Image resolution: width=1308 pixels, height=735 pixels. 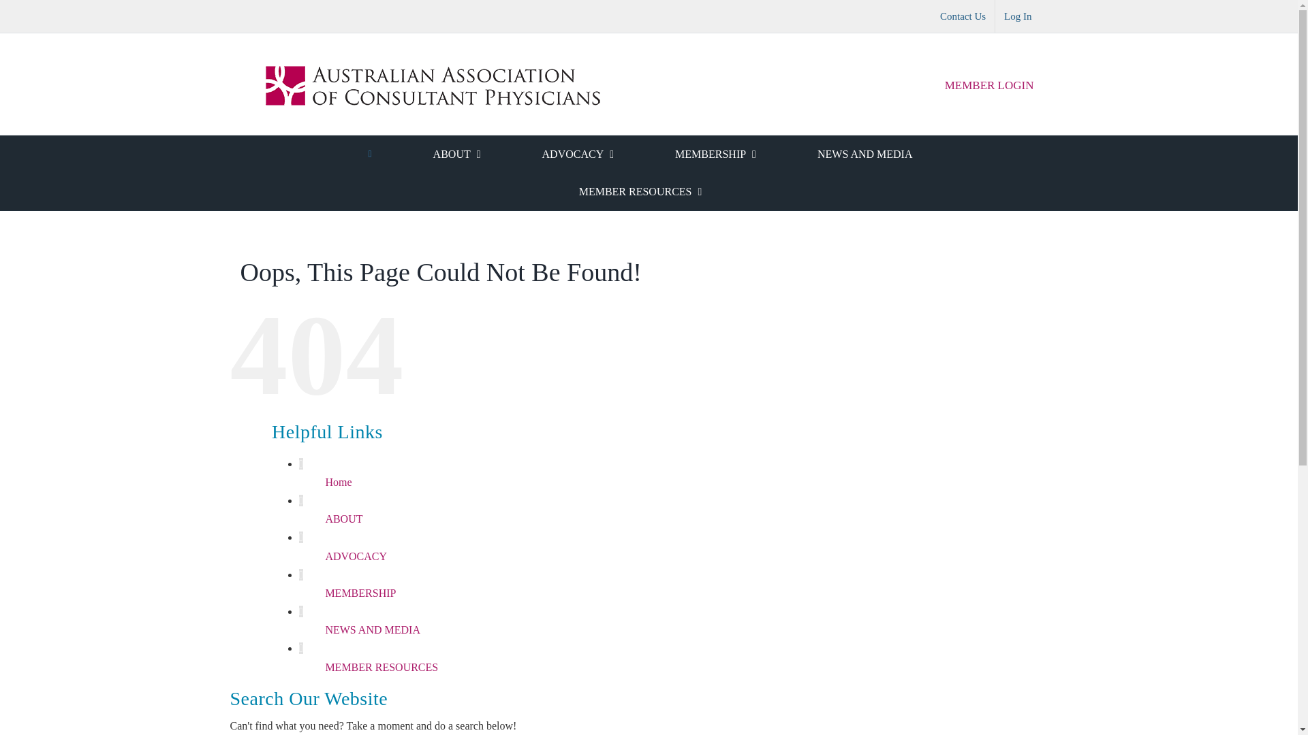 What do you see at coordinates (324, 666) in the screenshot?
I see `'MEMBER RESOURCES'` at bounding box center [324, 666].